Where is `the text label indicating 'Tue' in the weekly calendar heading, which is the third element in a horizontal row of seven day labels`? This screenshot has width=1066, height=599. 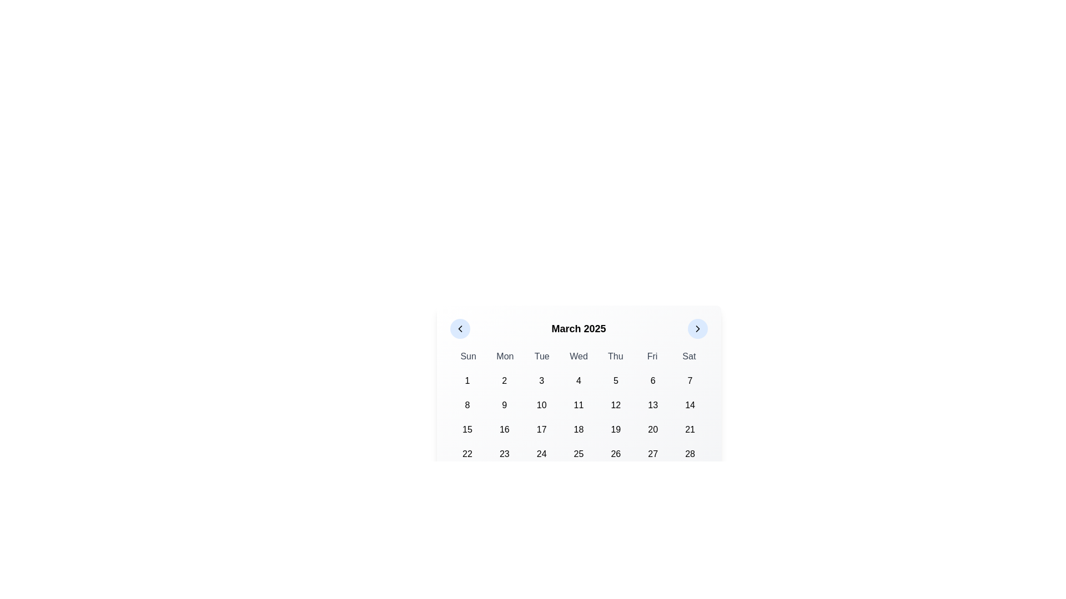
the text label indicating 'Tue' in the weekly calendar heading, which is the third element in a horizontal row of seven day labels is located at coordinates (542, 357).